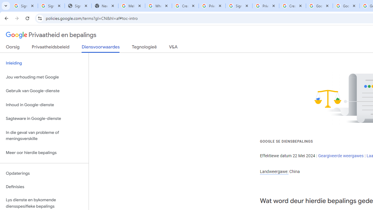  What do you see at coordinates (44, 152) in the screenshot?
I see `'Meer oor hierdie bepalings'` at bounding box center [44, 152].